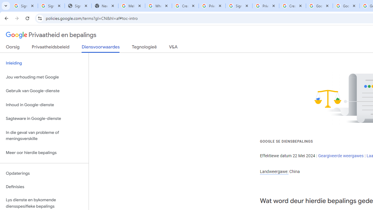  What do you see at coordinates (44, 152) in the screenshot?
I see `'Meer oor hierdie bepalings'` at bounding box center [44, 152].